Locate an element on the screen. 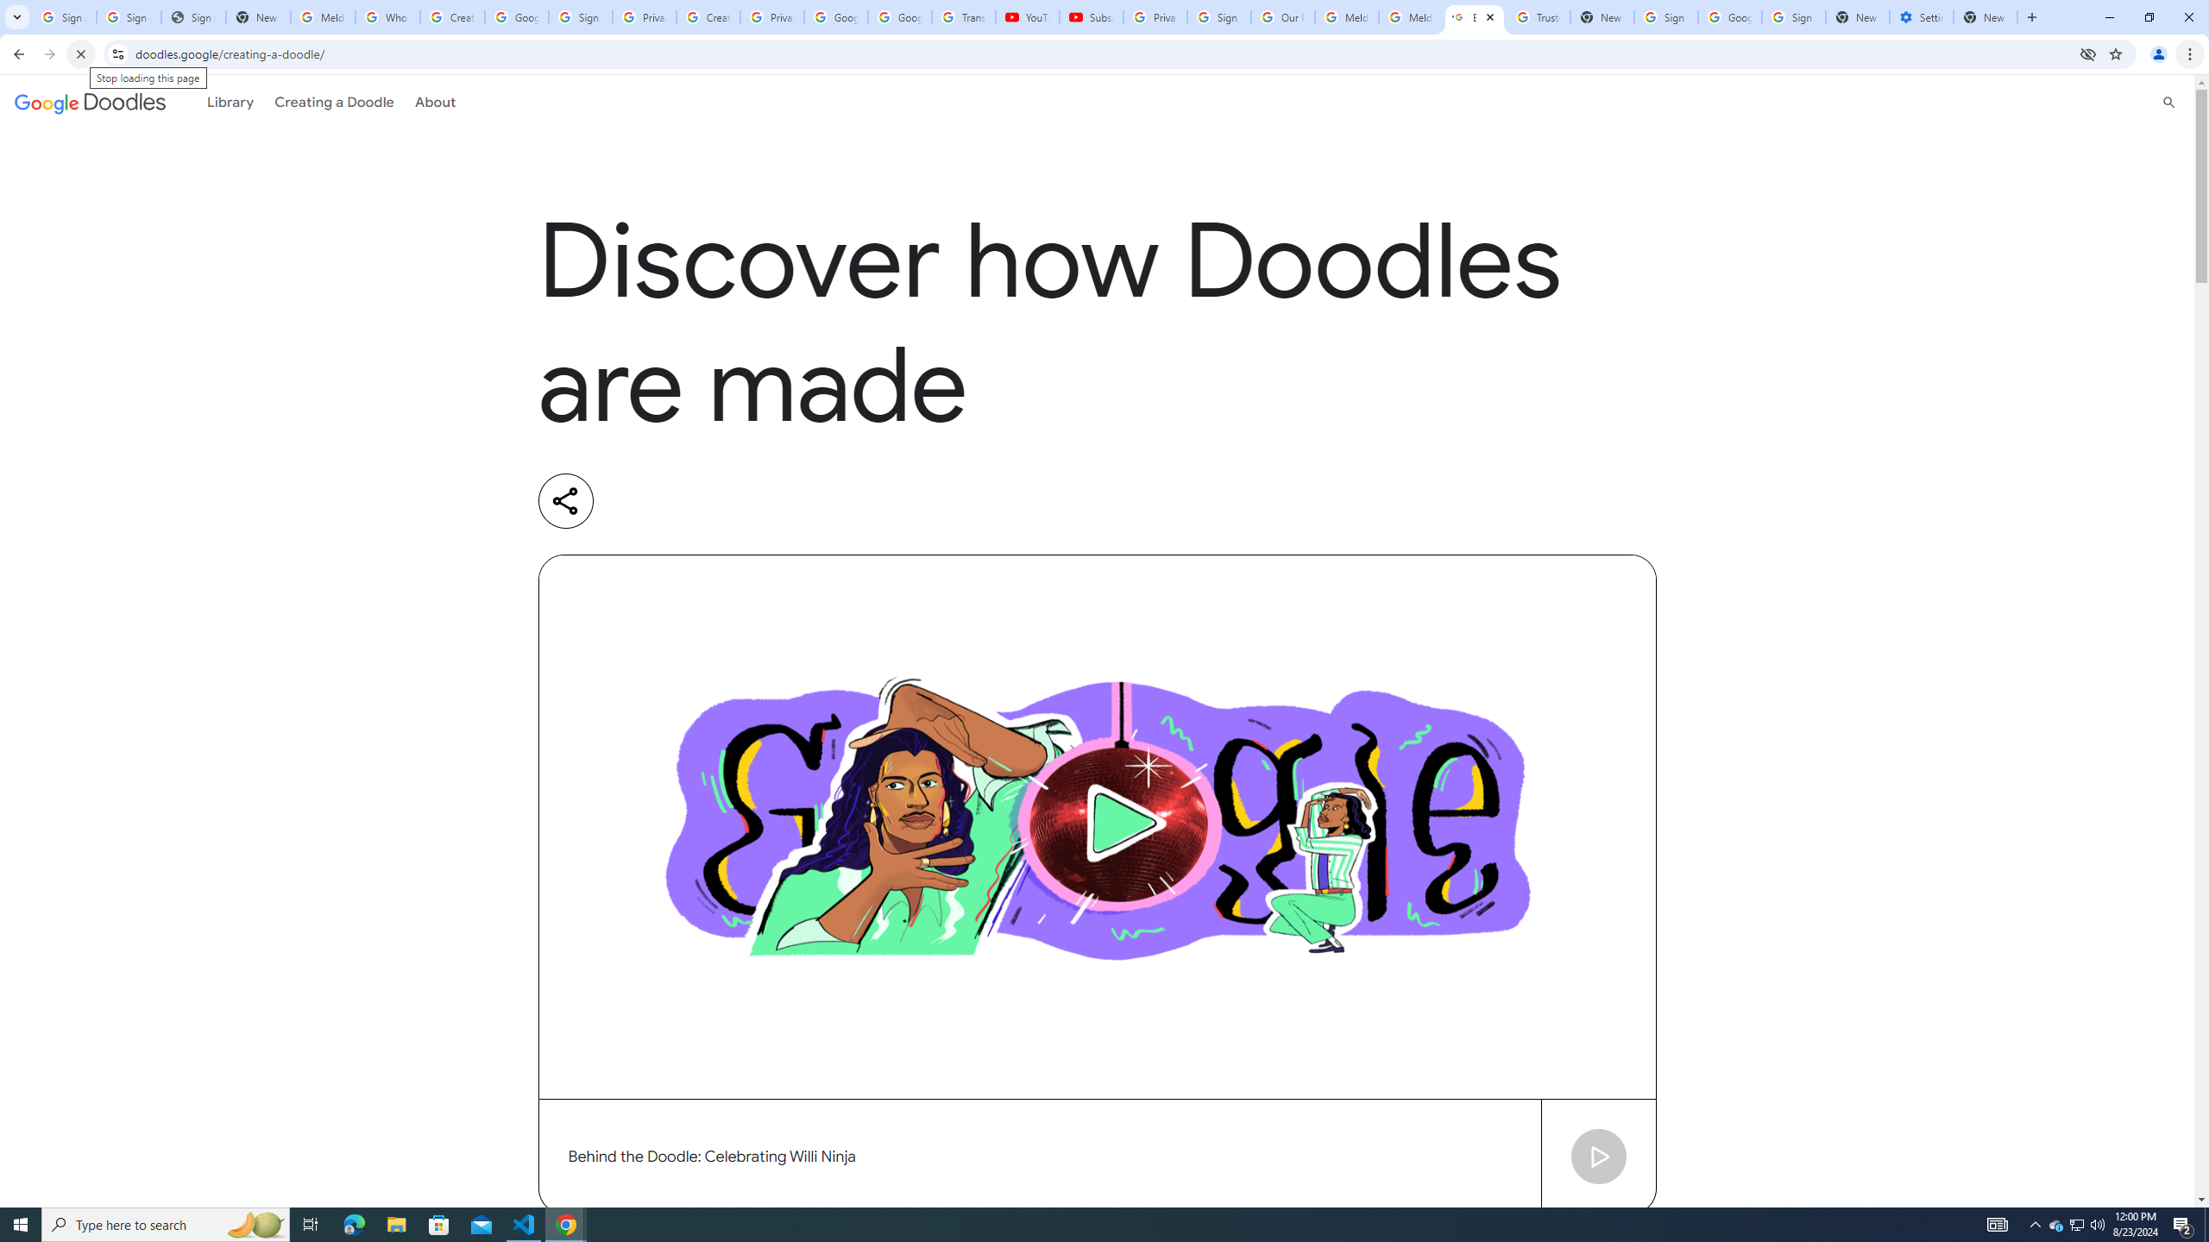 This screenshot has height=1242, width=2209. 'Who is my administrator? - Google Account Help' is located at coordinates (387, 16).